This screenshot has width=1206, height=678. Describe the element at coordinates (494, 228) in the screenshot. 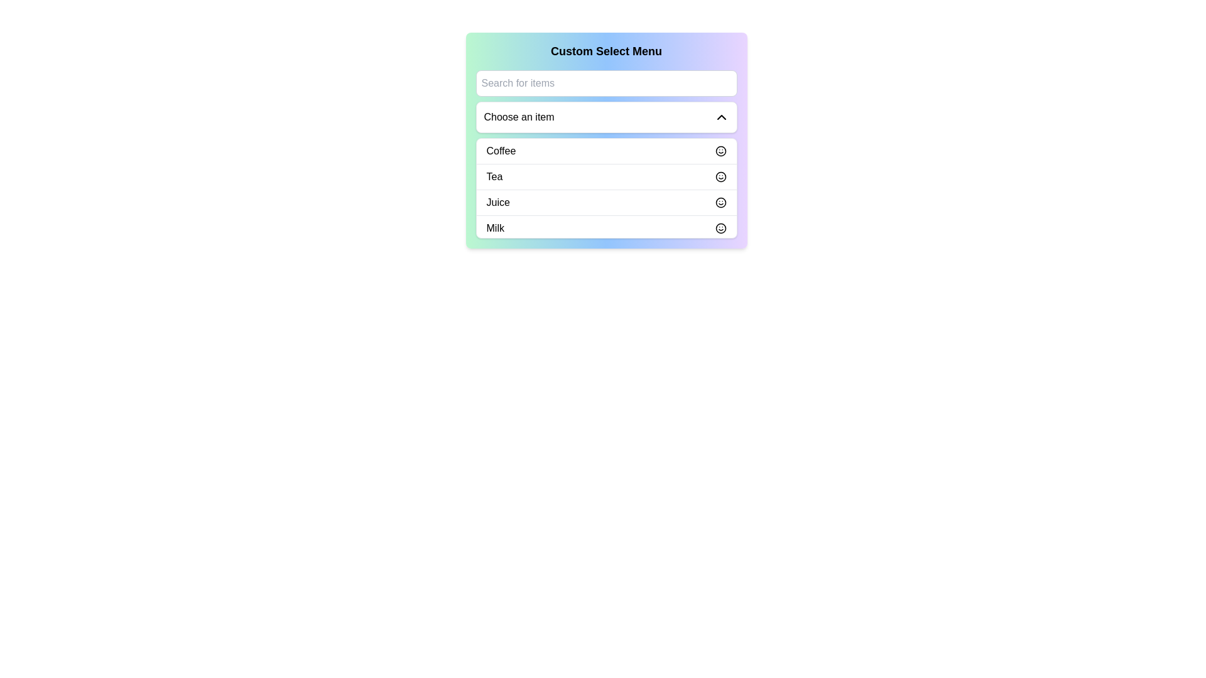

I see `the 'Milk' text label in the fourth row of the dropdown list under 'Custom Select Menu'` at that location.